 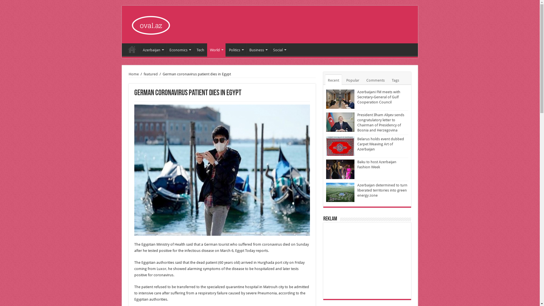 What do you see at coordinates (200, 49) in the screenshot?
I see `'Tech'` at bounding box center [200, 49].